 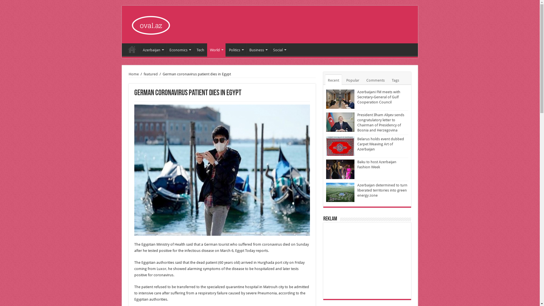 What do you see at coordinates (200, 49) in the screenshot?
I see `'Tech'` at bounding box center [200, 49].